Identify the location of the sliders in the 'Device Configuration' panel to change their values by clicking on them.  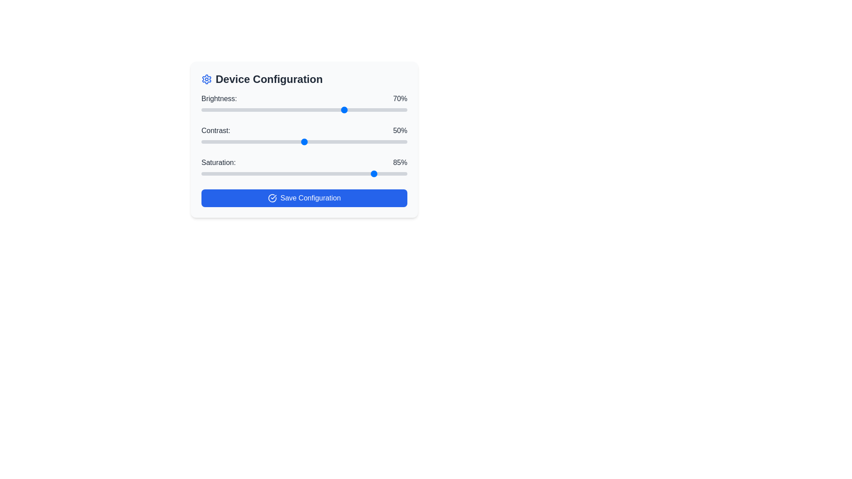
(304, 140).